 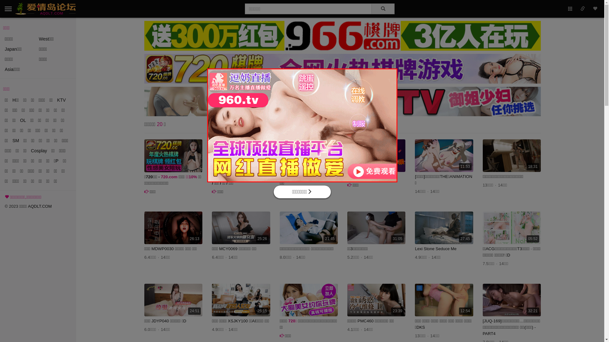 What do you see at coordinates (9, 9) in the screenshot?
I see `'Toggle navigation'` at bounding box center [9, 9].